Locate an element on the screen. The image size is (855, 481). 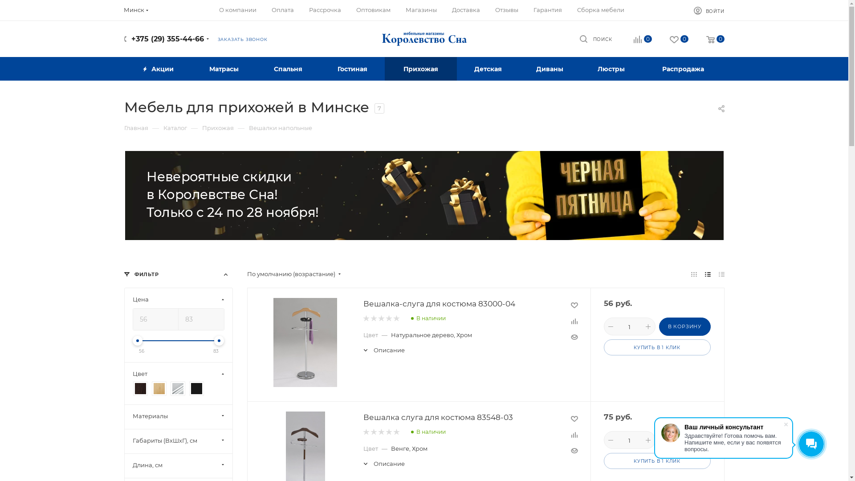
'0' is located at coordinates (642, 40).